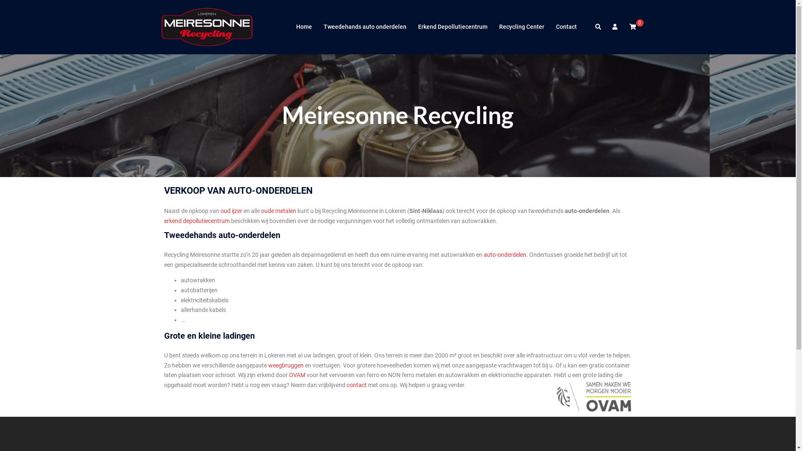 The width and height of the screenshot is (802, 451). Describe the element at coordinates (632, 26) in the screenshot. I see `'0'` at that location.